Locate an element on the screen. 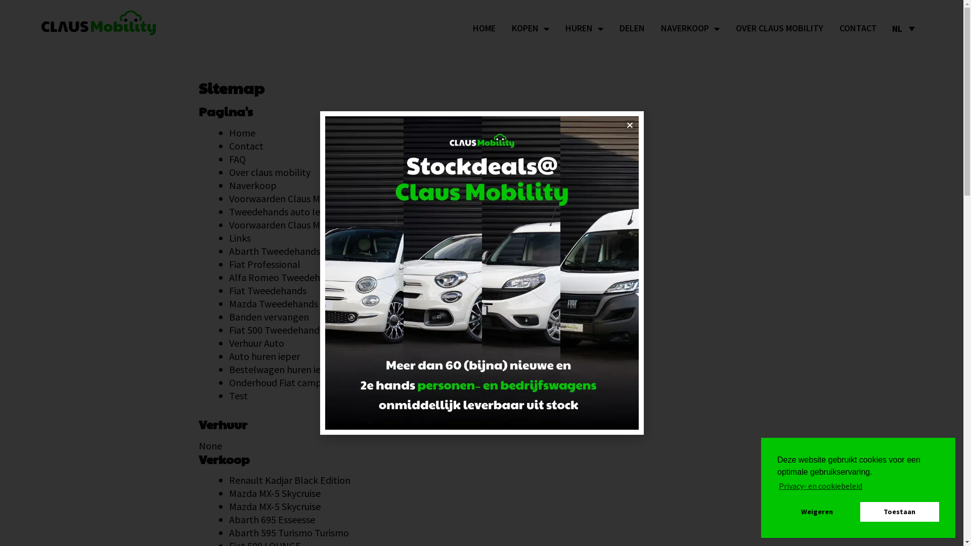 This screenshot has width=971, height=546. 'Fiat Professional' is located at coordinates (264, 263).